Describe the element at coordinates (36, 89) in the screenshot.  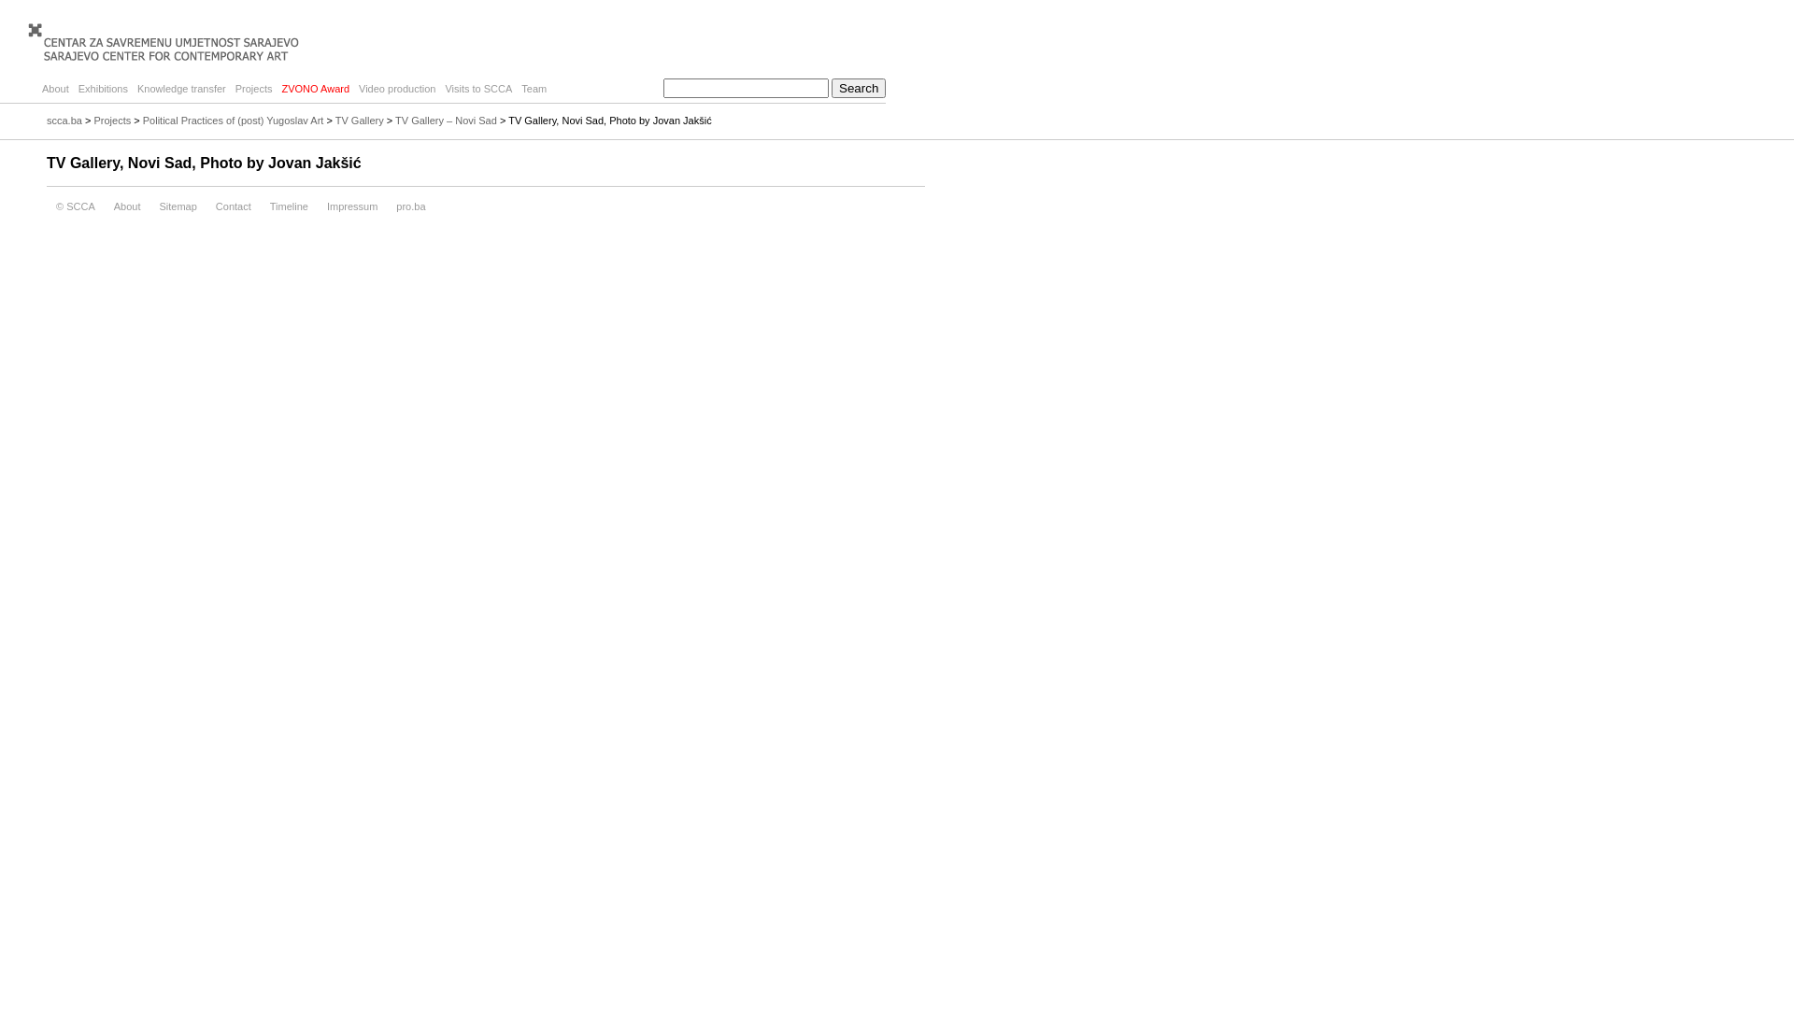
I see `'About'` at that location.